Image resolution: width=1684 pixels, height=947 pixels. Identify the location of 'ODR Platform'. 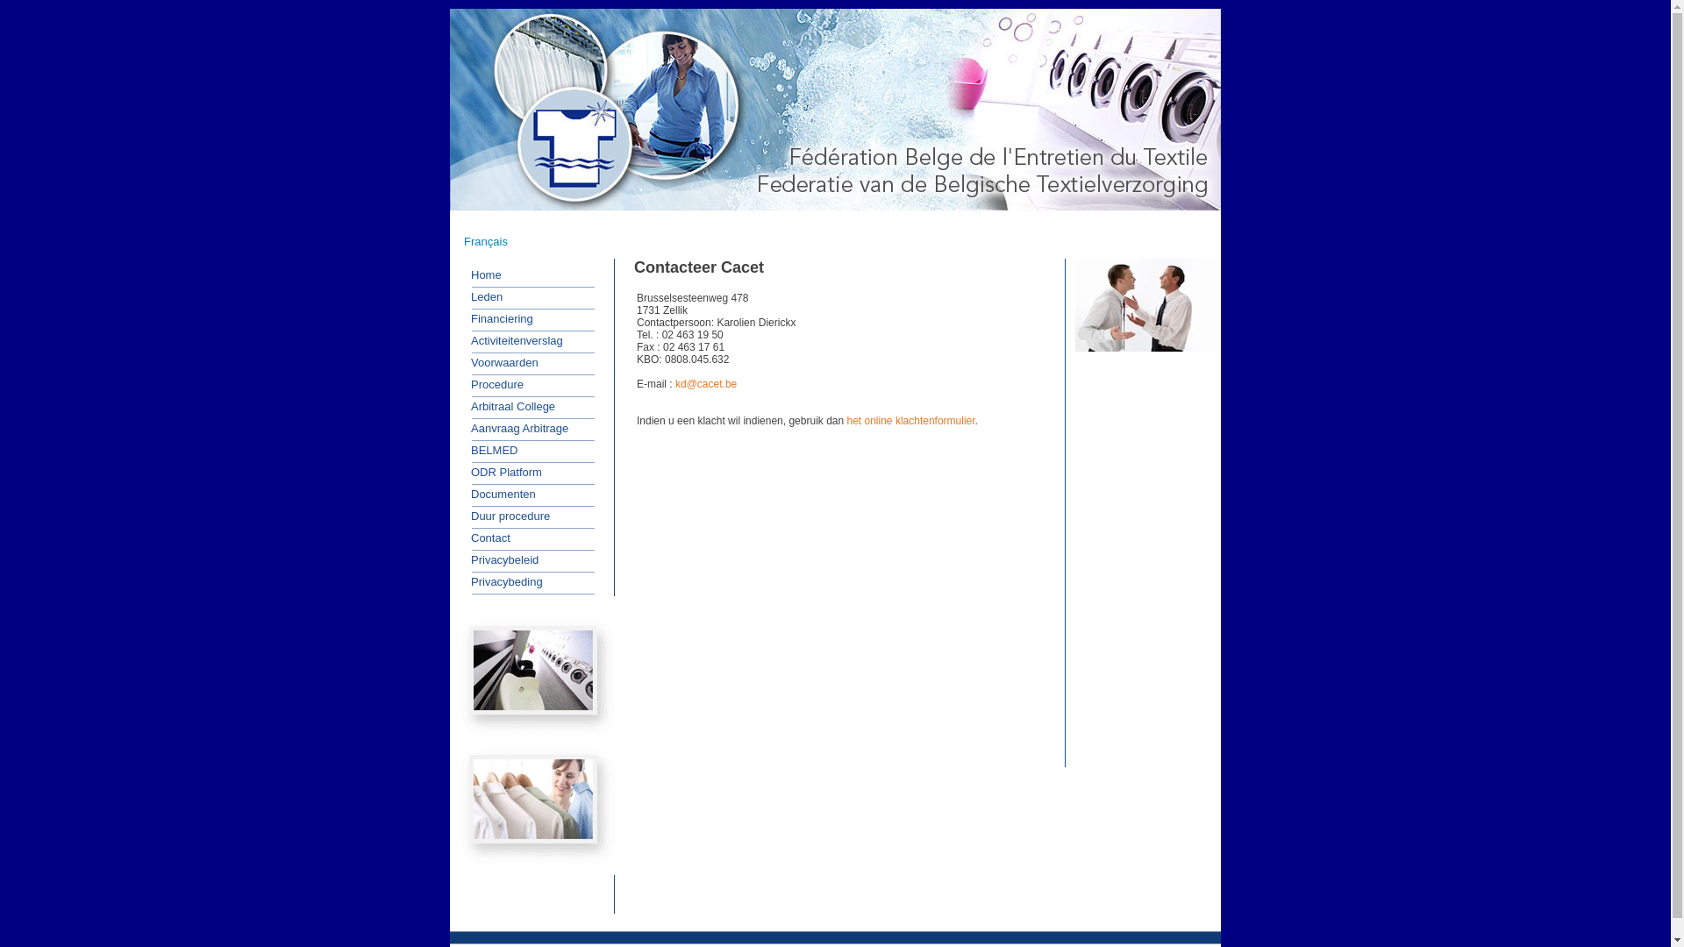
(499, 472).